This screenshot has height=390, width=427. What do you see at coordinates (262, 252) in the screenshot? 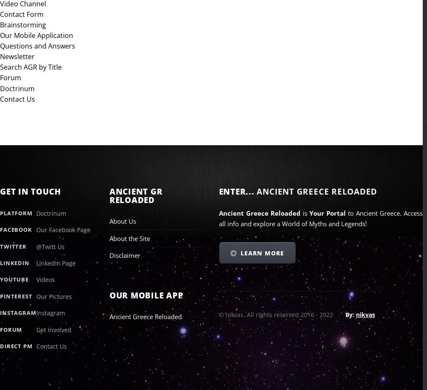
I see `'Learn More'` at bounding box center [262, 252].